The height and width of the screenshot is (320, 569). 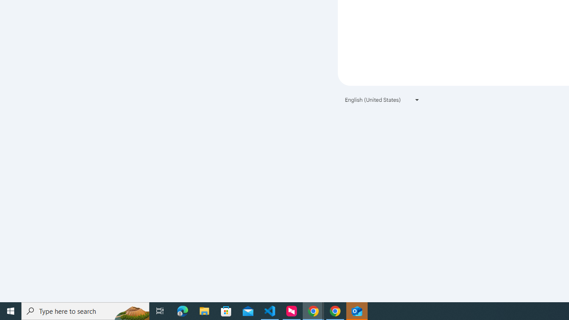 I want to click on 'English (United States)', so click(x=382, y=100).